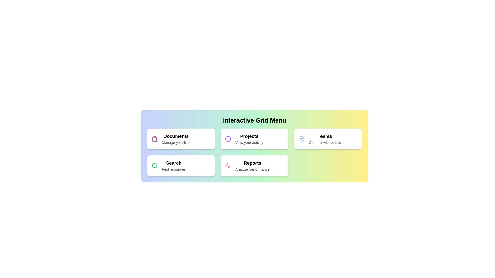 The width and height of the screenshot is (495, 278). I want to click on the Teams menu item to select it, so click(328, 139).